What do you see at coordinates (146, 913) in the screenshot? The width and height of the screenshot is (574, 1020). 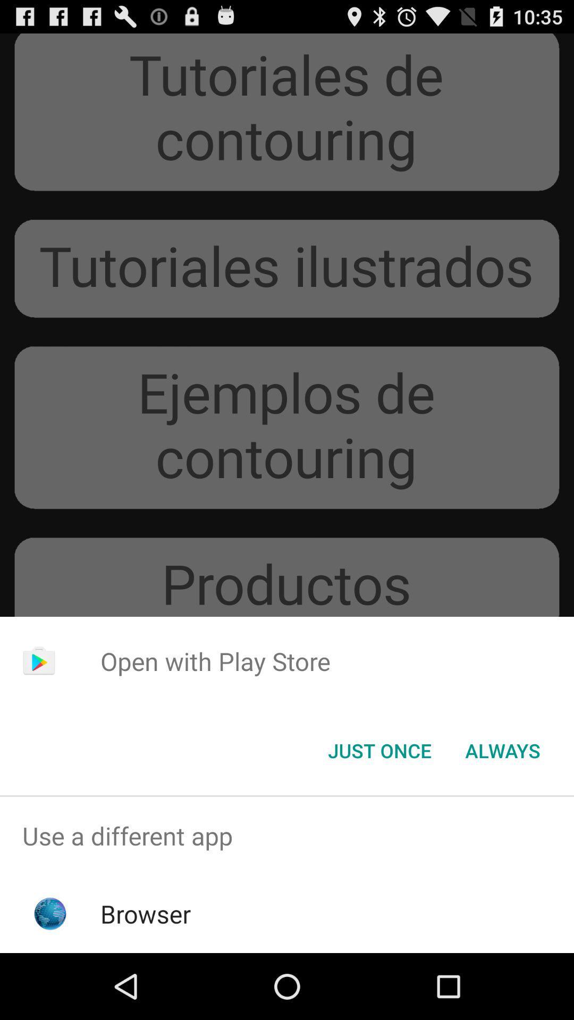 I see `the item below the use a different app` at bounding box center [146, 913].